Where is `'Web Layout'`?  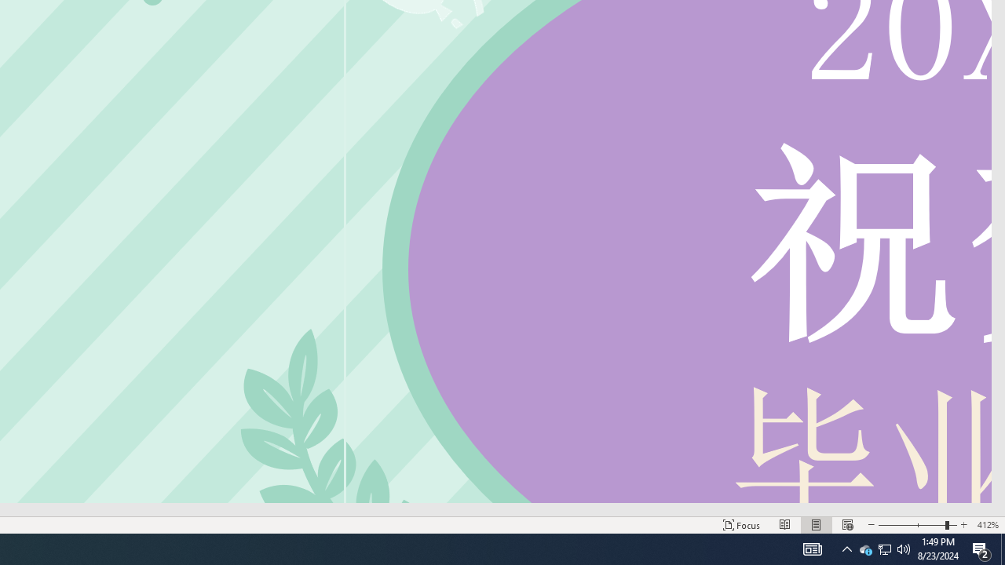 'Web Layout' is located at coordinates (846, 525).